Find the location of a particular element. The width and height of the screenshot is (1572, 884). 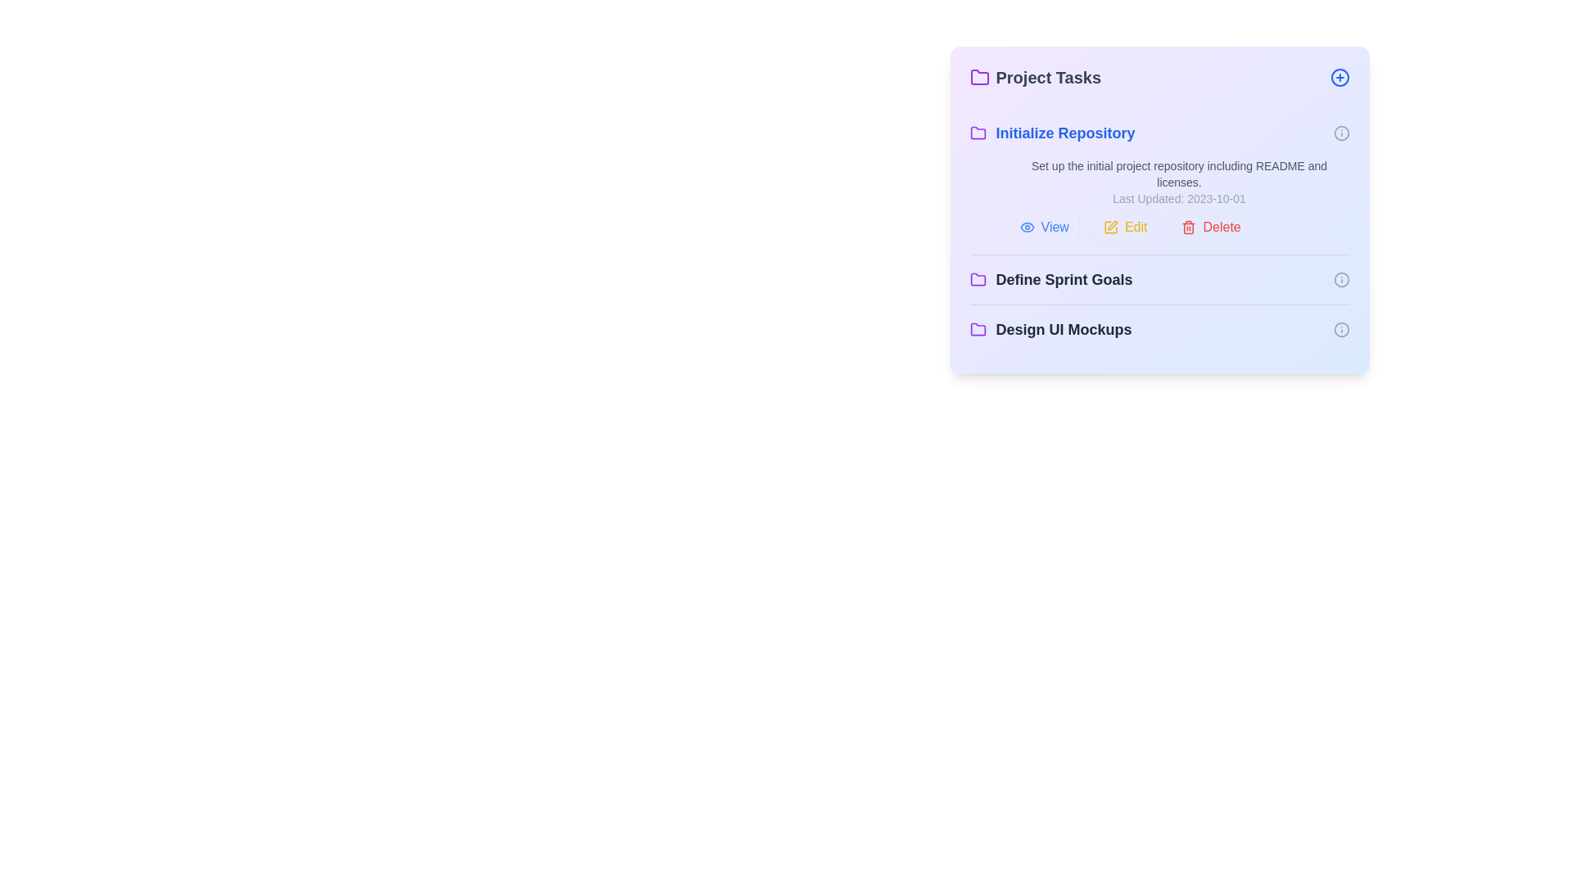

the text label 'Define Sprint Goals' to potentially display additional information is located at coordinates (1064, 279).